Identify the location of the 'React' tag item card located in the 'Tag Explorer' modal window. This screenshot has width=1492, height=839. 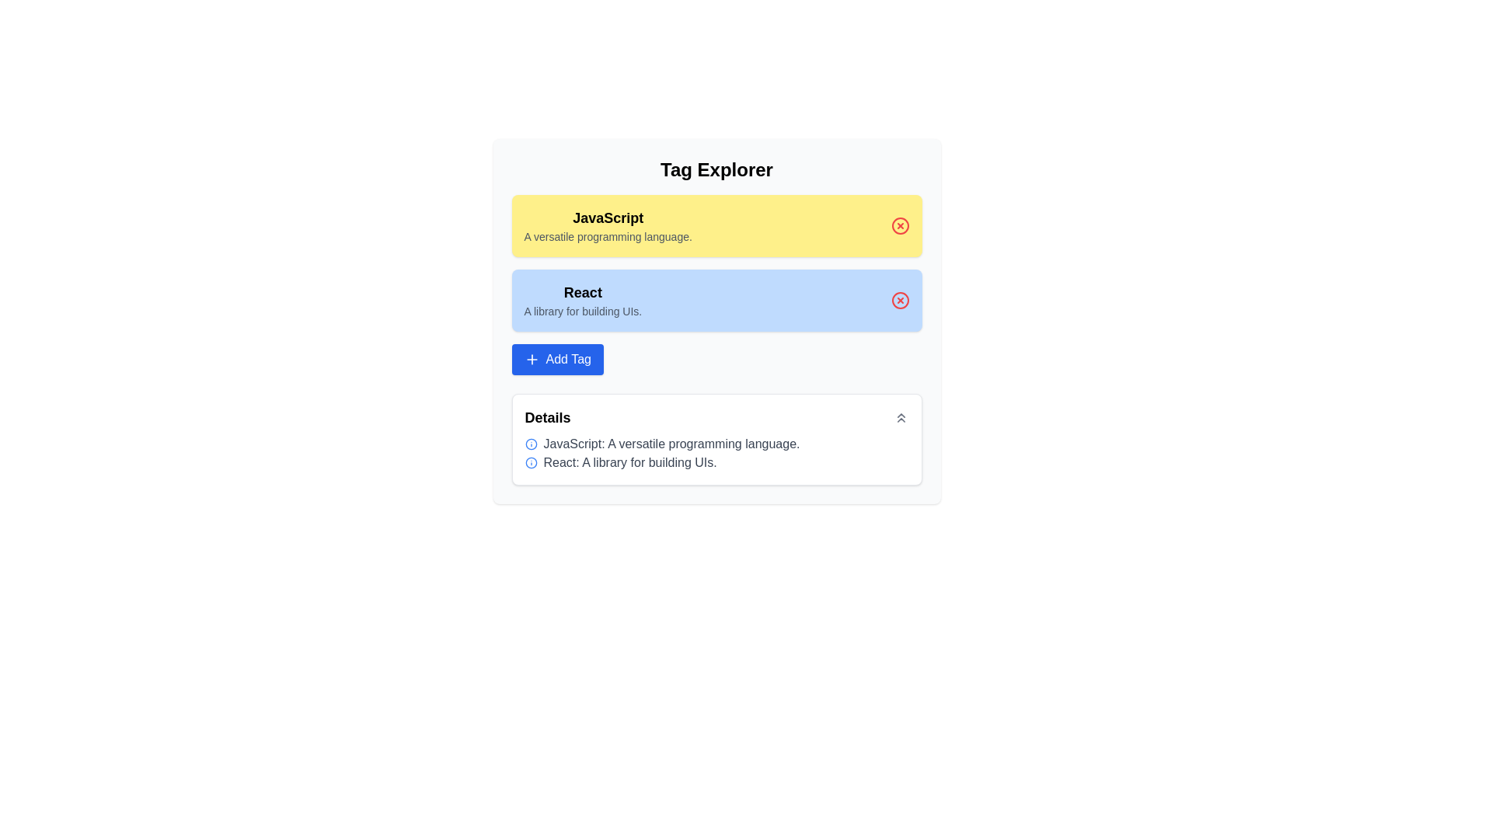
(716, 320).